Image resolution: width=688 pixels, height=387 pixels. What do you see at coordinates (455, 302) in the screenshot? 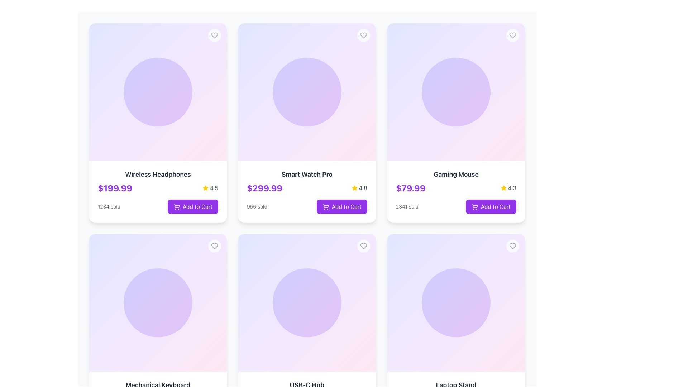
I see `the decorative background element in the 'Laptop Stand' card, located in the bottom-right corner of the layout, which enhances the visual appeal of the card but has no interactive features` at bounding box center [455, 302].